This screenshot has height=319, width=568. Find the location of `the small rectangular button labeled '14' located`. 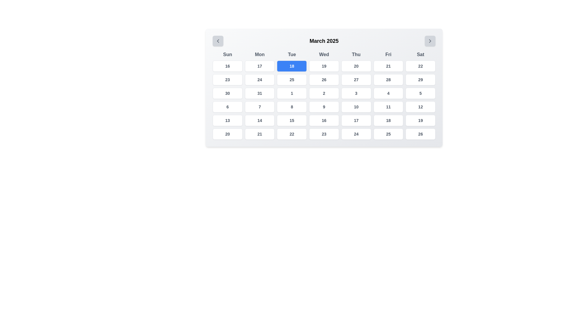

the small rectangular button labeled '14' located is located at coordinates (260, 120).